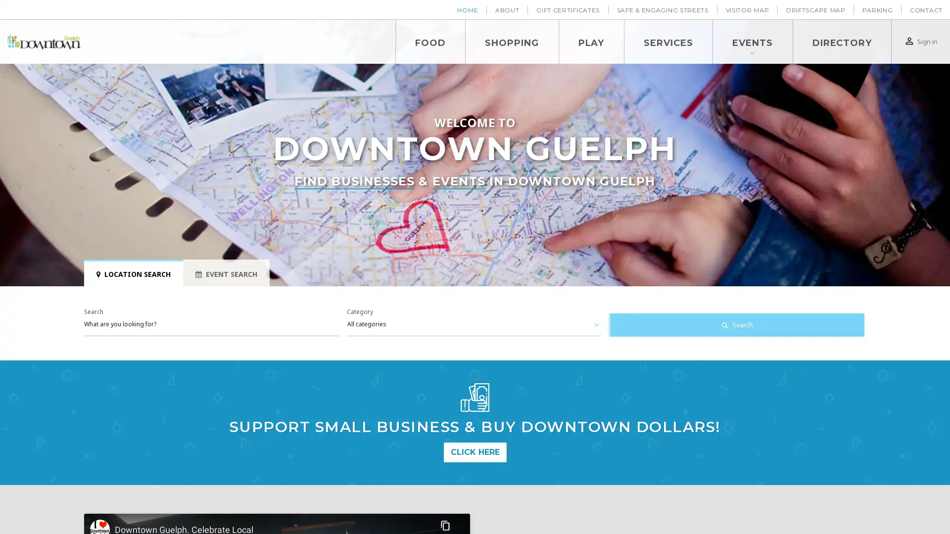 Image resolution: width=950 pixels, height=534 pixels. I want to click on CLICK HERE, so click(474, 452).